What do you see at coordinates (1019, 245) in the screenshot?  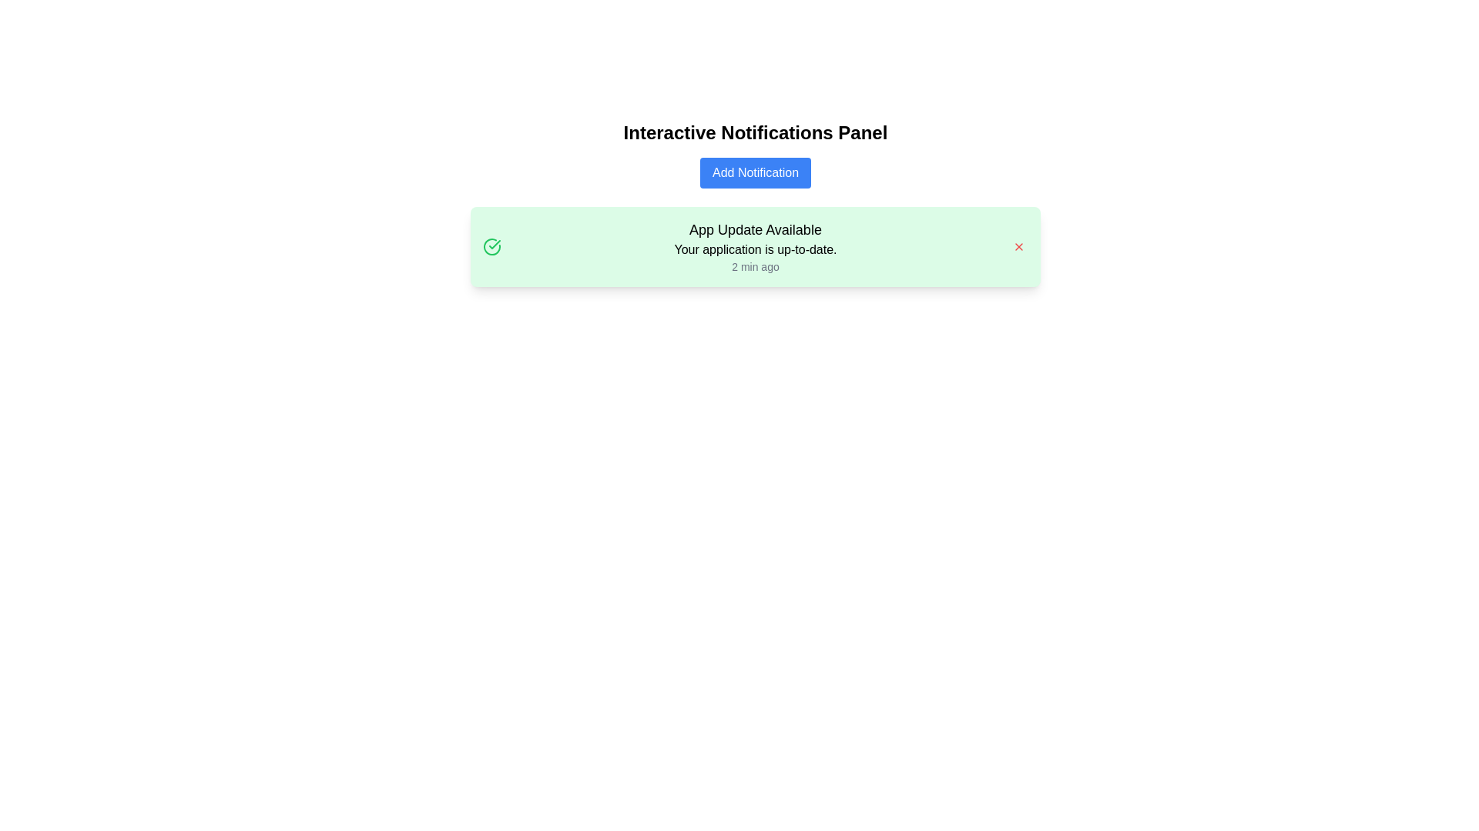 I see `the Close Button icon` at bounding box center [1019, 245].